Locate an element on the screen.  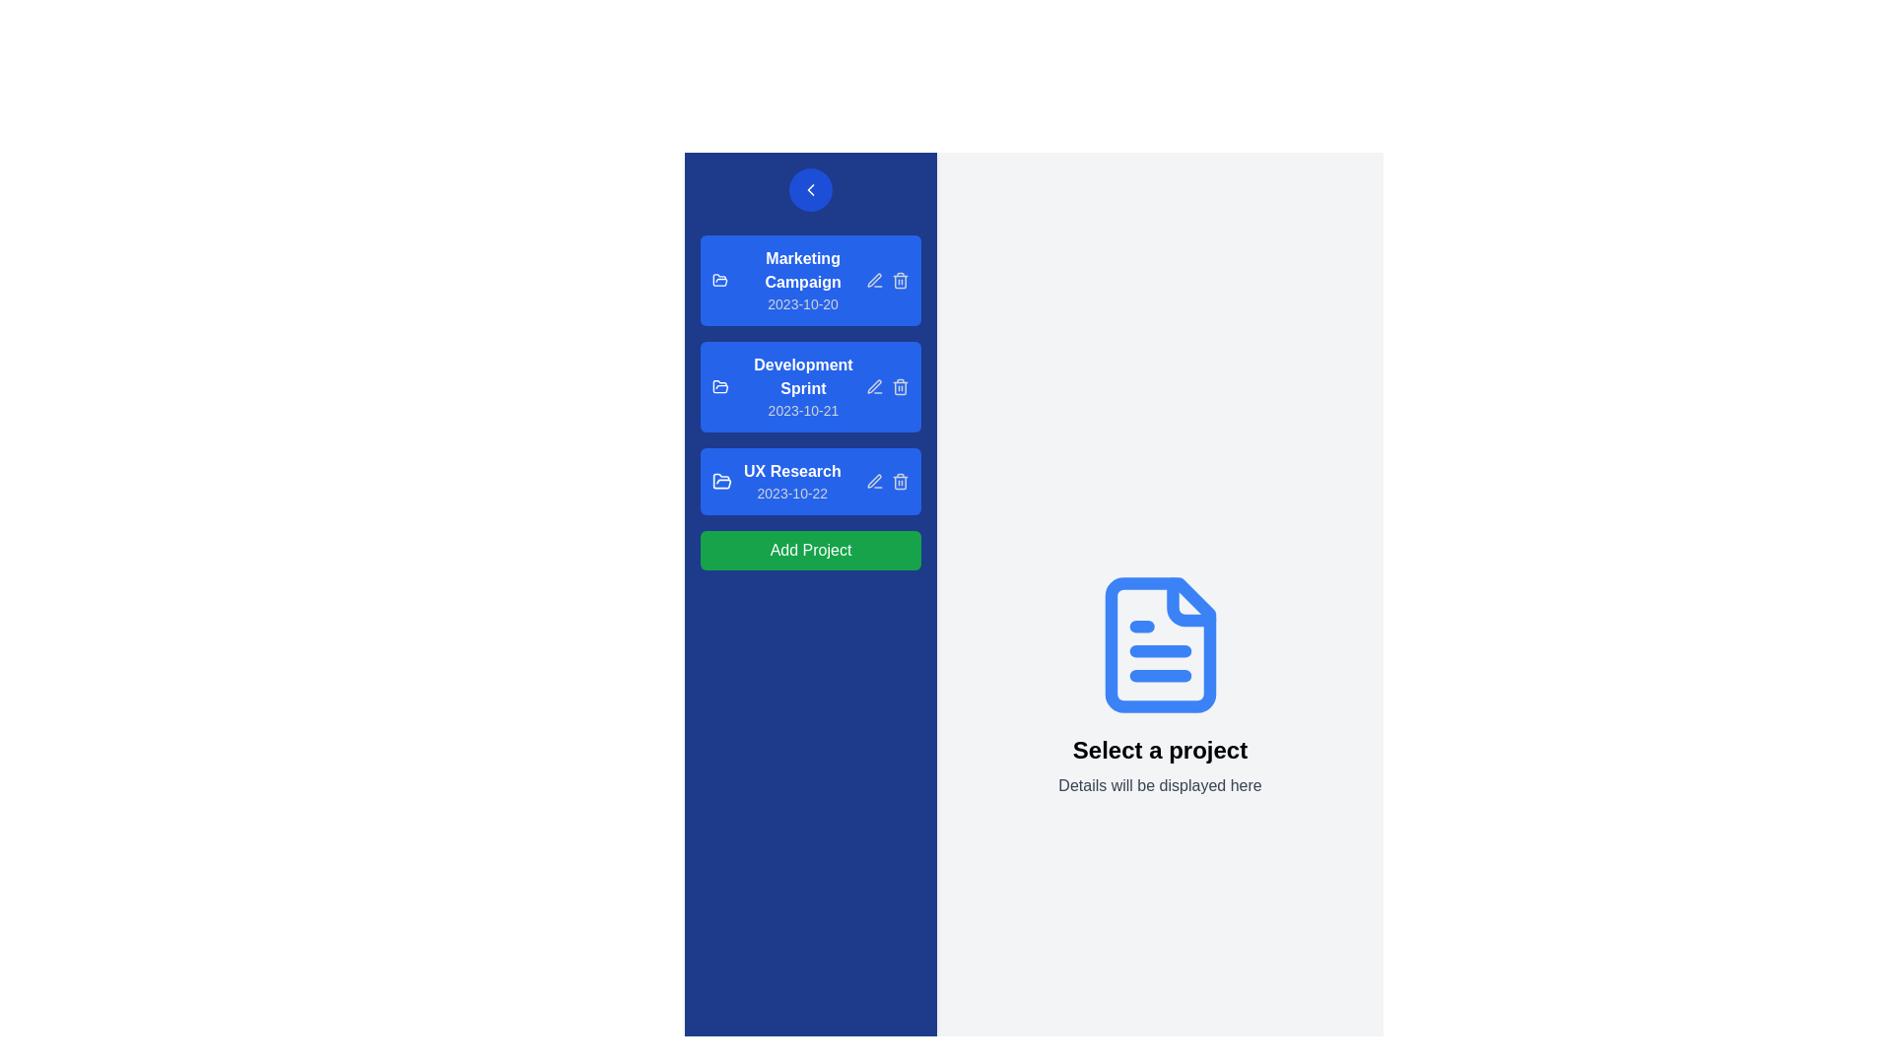
the SVG folder icon representing the 'Development Sprint 2023-10-21' project, located at the leftmost part of the list is located at coordinates (719, 387).